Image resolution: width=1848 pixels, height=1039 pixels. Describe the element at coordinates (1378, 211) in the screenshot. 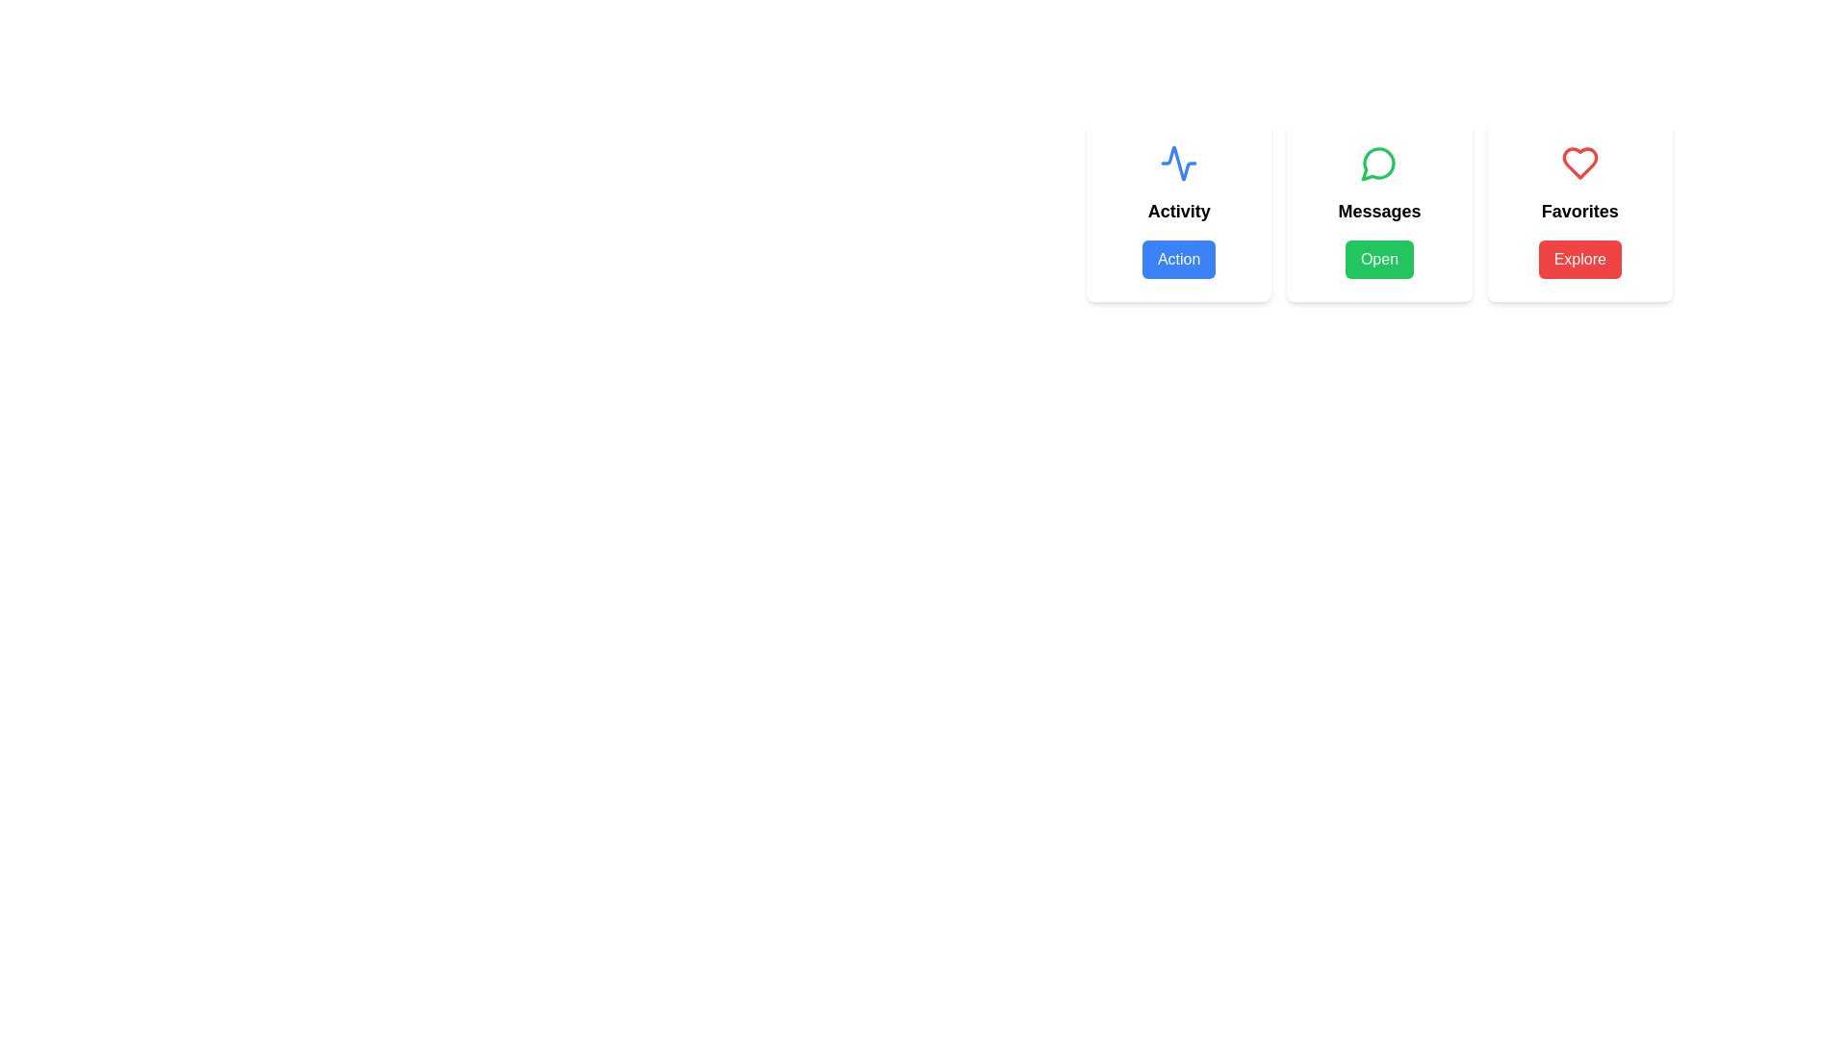

I see `the text label that serves as a title for the 'Messages' section, which is centrally located under the green chat bubble icon and above the 'Open' button` at that location.